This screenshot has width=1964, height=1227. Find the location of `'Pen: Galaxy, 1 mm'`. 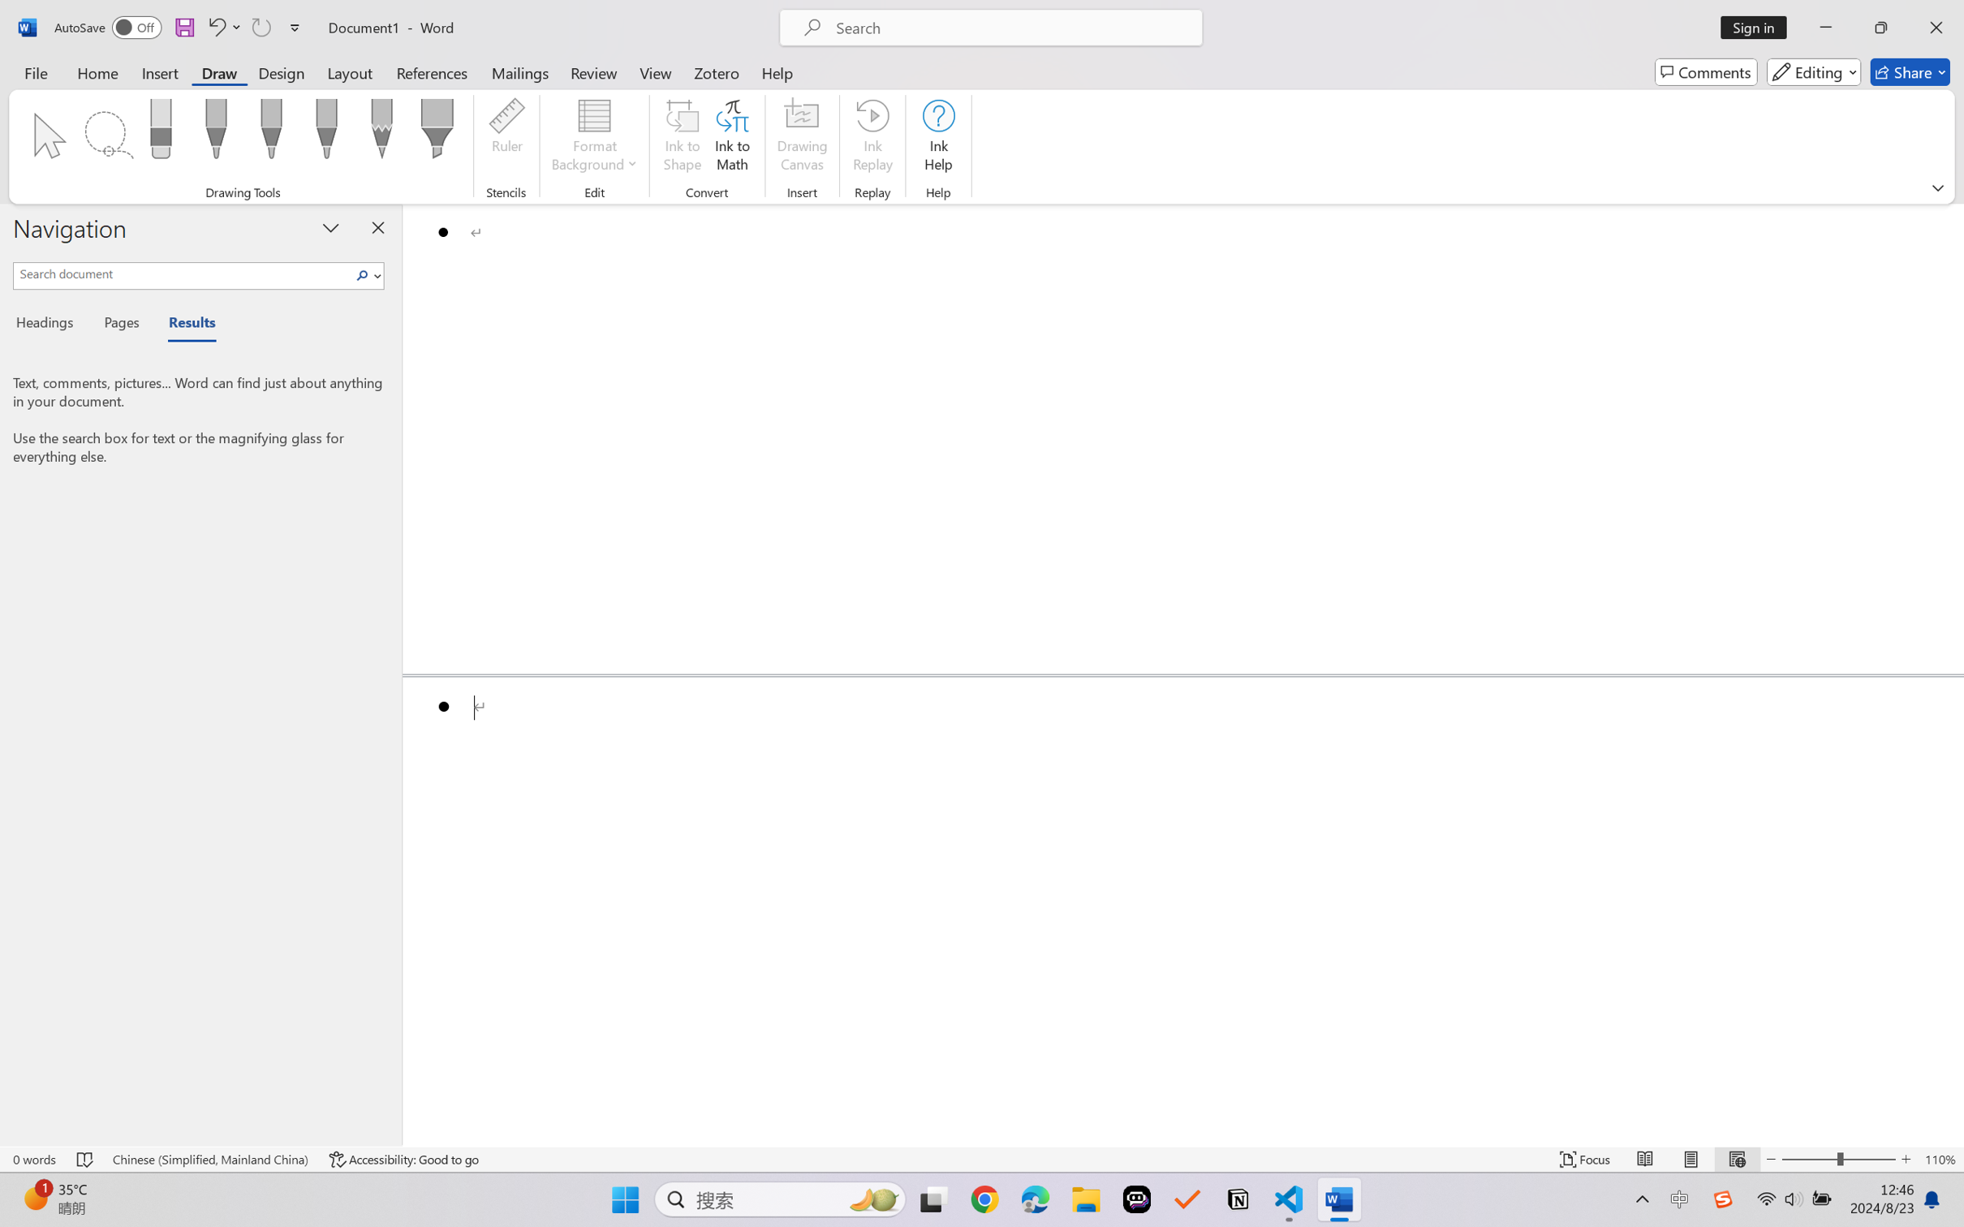

'Pen: Galaxy, 1 mm' is located at coordinates (325, 132).